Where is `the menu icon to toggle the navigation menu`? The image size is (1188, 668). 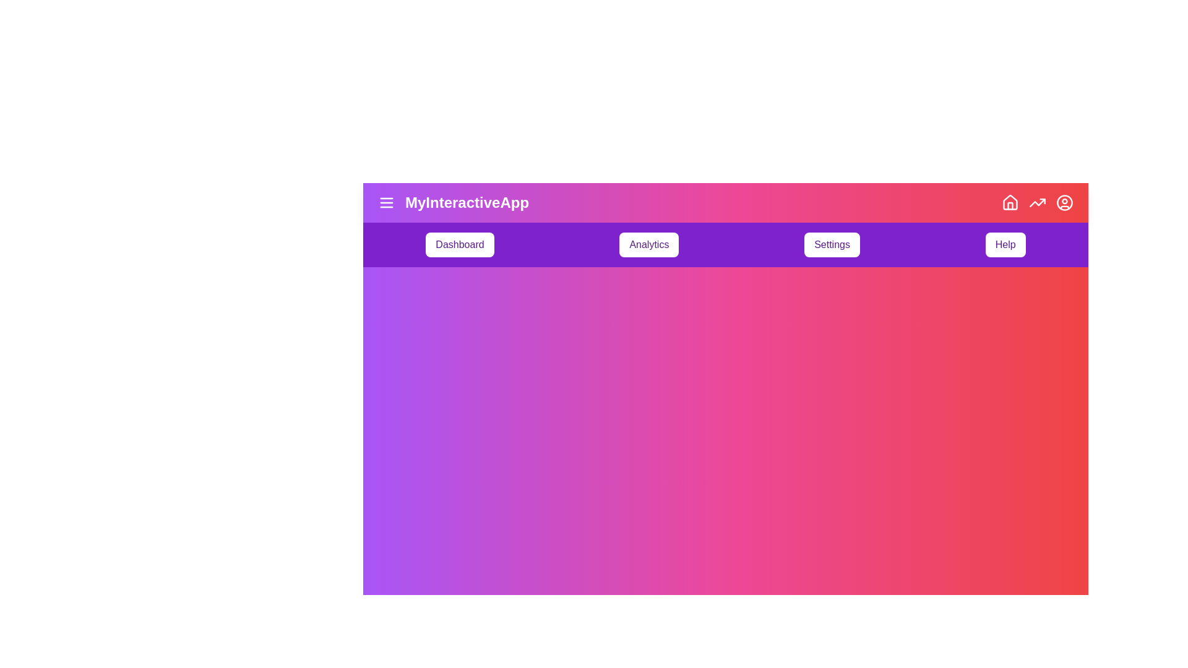 the menu icon to toggle the navigation menu is located at coordinates (385, 202).